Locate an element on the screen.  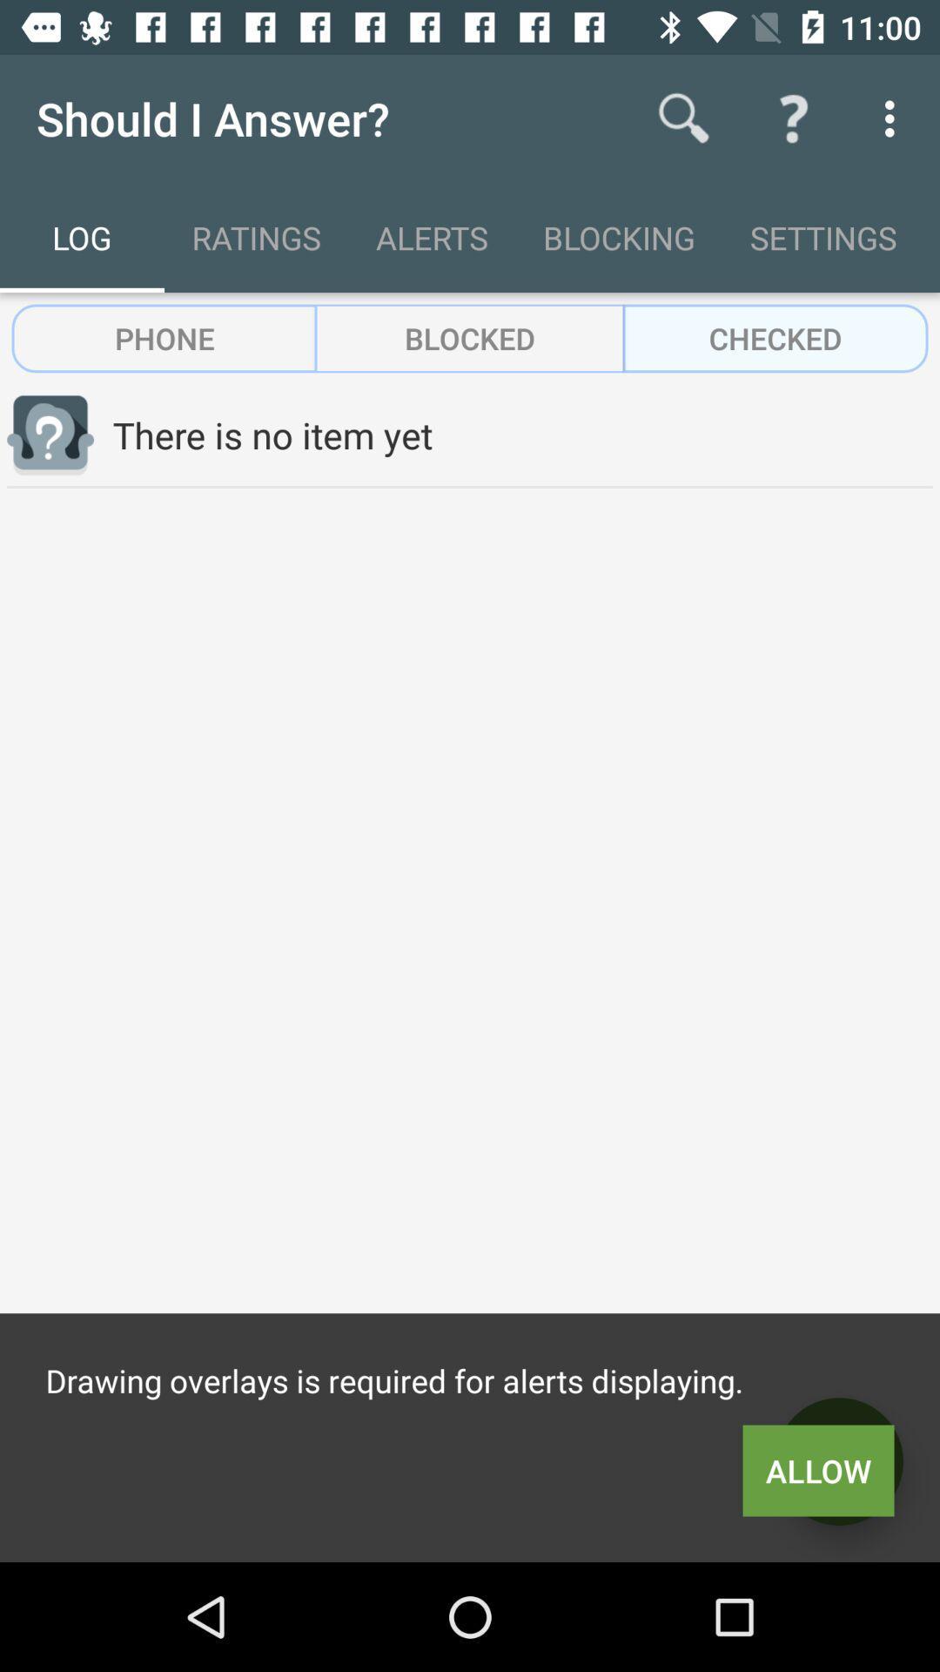
checked is located at coordinates (775, 338).